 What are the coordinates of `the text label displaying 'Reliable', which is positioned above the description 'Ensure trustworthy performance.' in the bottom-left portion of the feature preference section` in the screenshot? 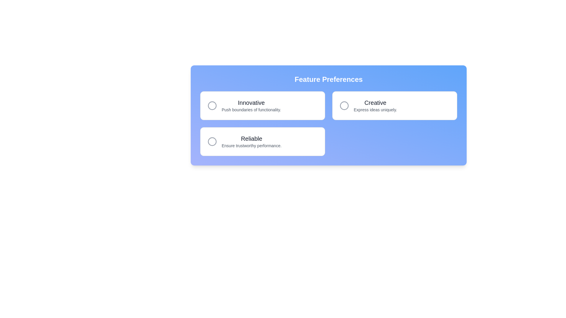 It's located at (251, 138).